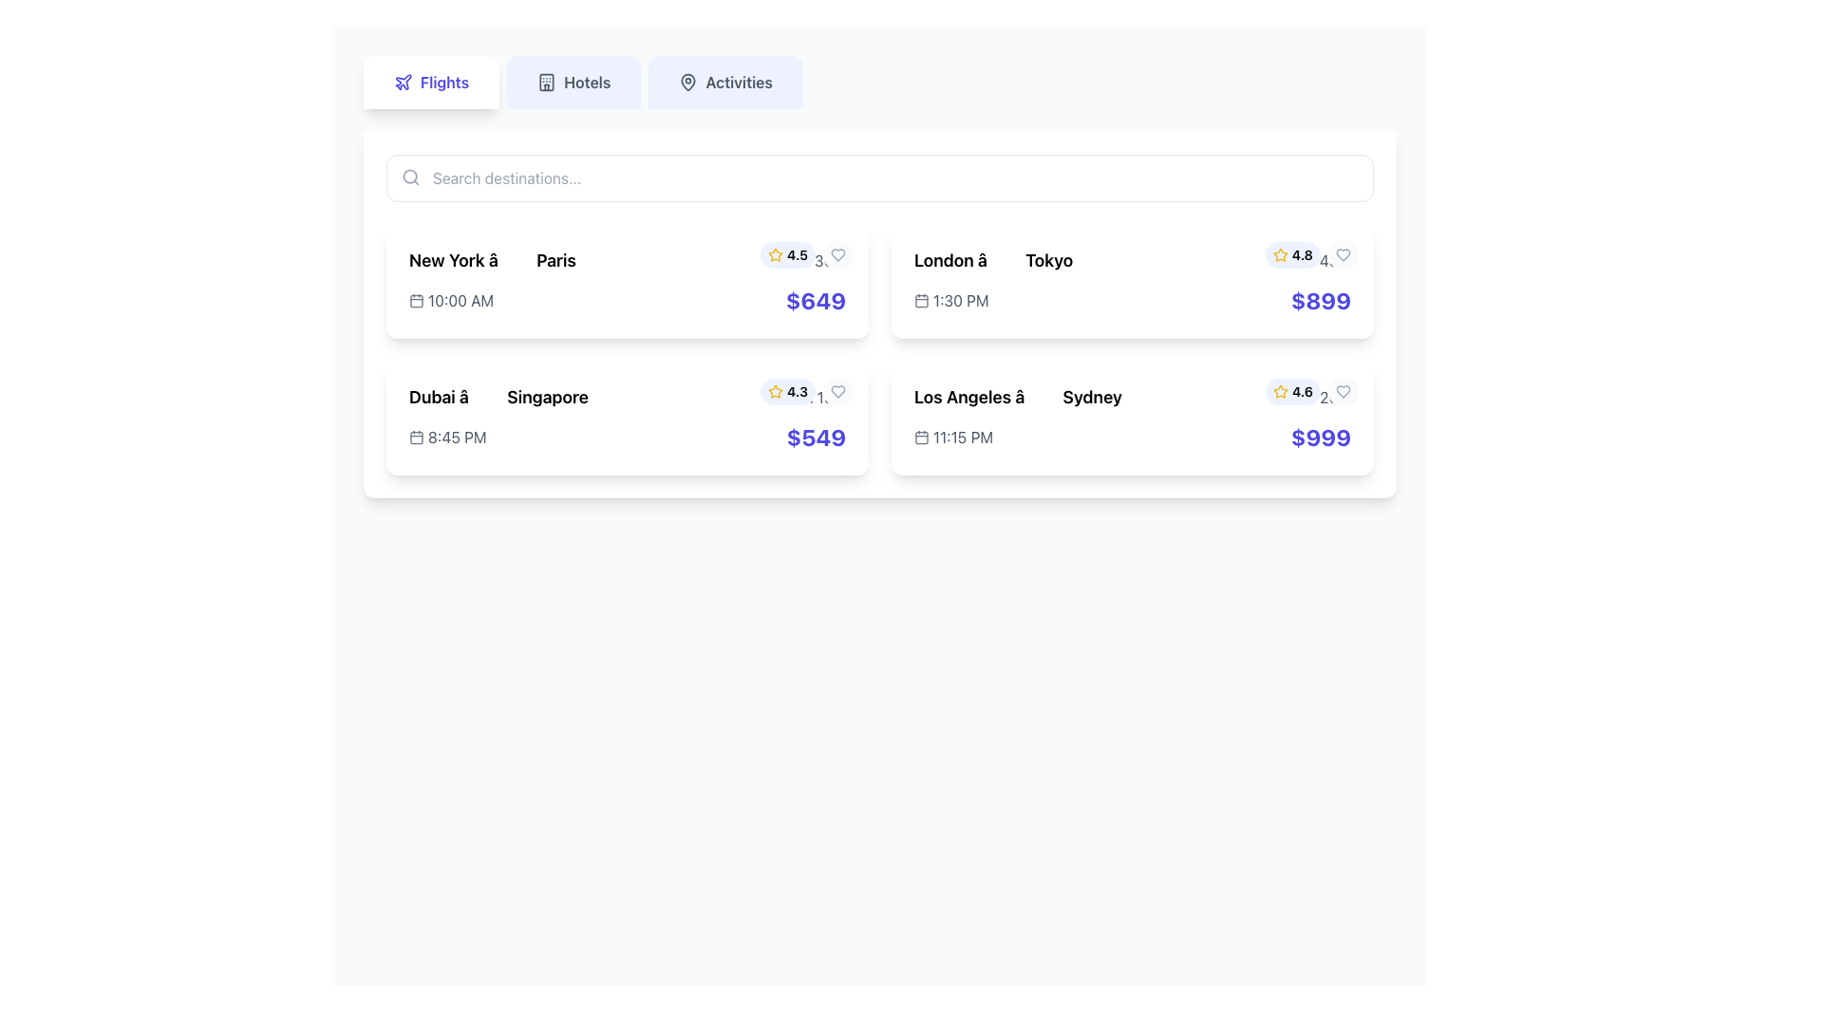  I want to click on the 'Hotels' navigation tab, which is the second item in a horizontal group of three tabs located near the top center of the interface, so click(573, 82).